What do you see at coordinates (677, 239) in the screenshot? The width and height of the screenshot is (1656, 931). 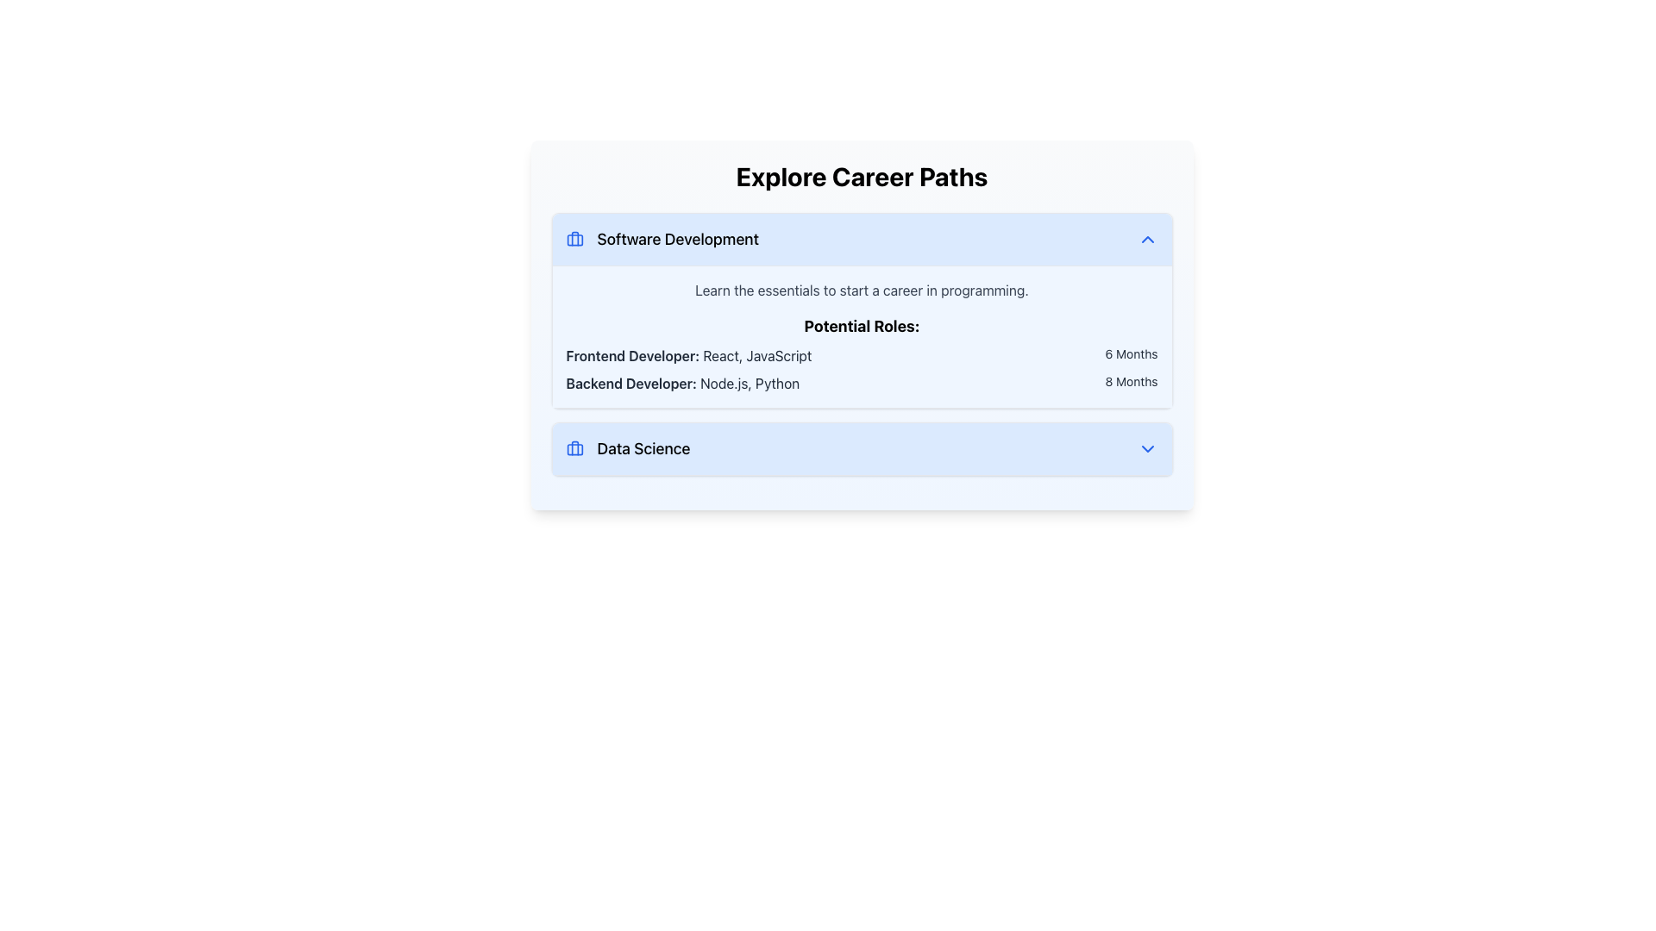 I see `the text label displaying 'Software Development', which is positioned prominently on a light blue background, aligned with an icon to its left` at bounding box center [677, 239].